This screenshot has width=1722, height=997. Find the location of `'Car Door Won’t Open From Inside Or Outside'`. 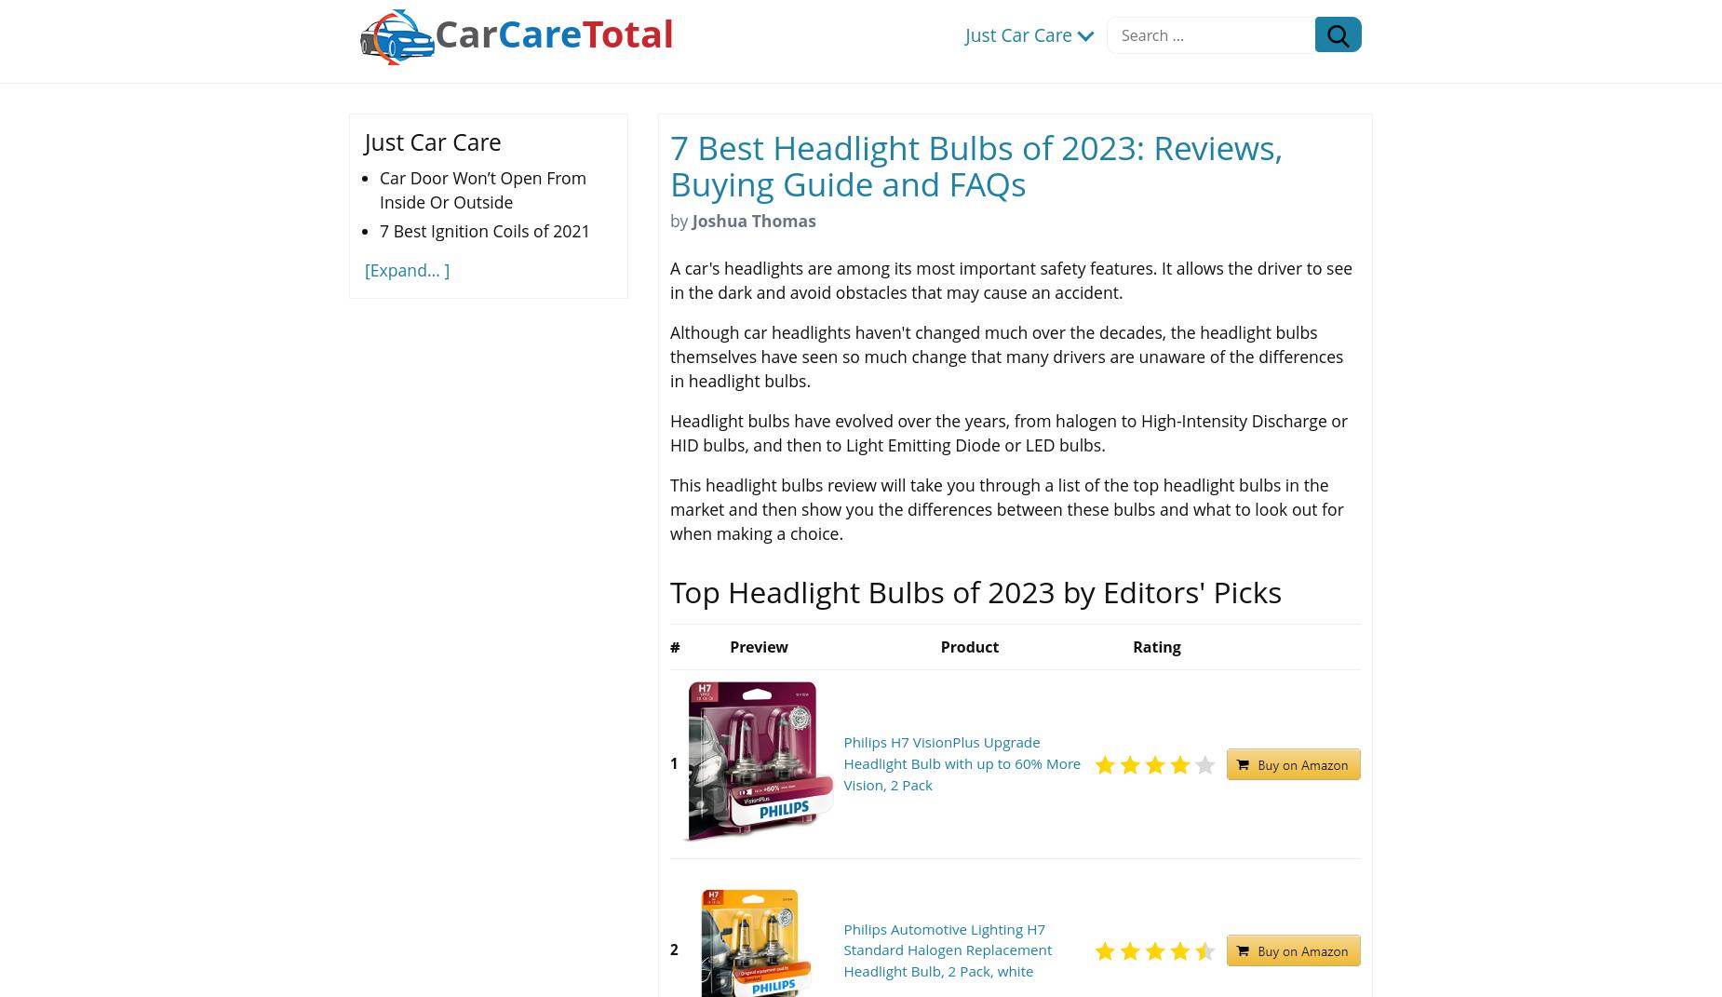

'Car Door Won’t Open From Inside Or Outside' is located at coordinates (482, 189).